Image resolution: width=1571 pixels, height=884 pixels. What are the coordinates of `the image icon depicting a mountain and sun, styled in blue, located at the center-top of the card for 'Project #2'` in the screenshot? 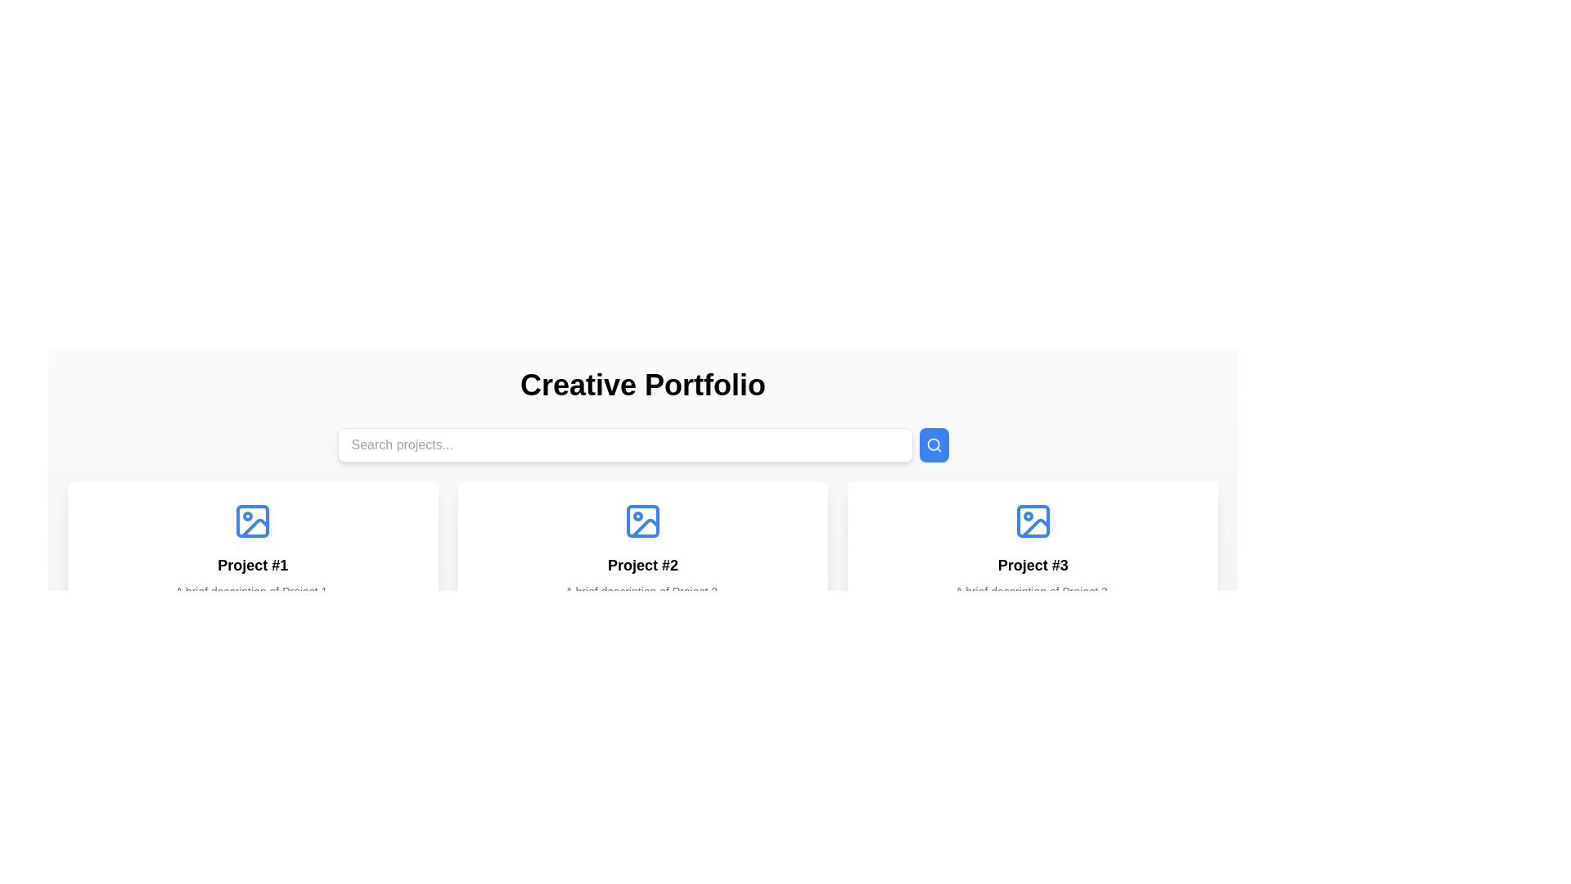 It's located at (642, 521).